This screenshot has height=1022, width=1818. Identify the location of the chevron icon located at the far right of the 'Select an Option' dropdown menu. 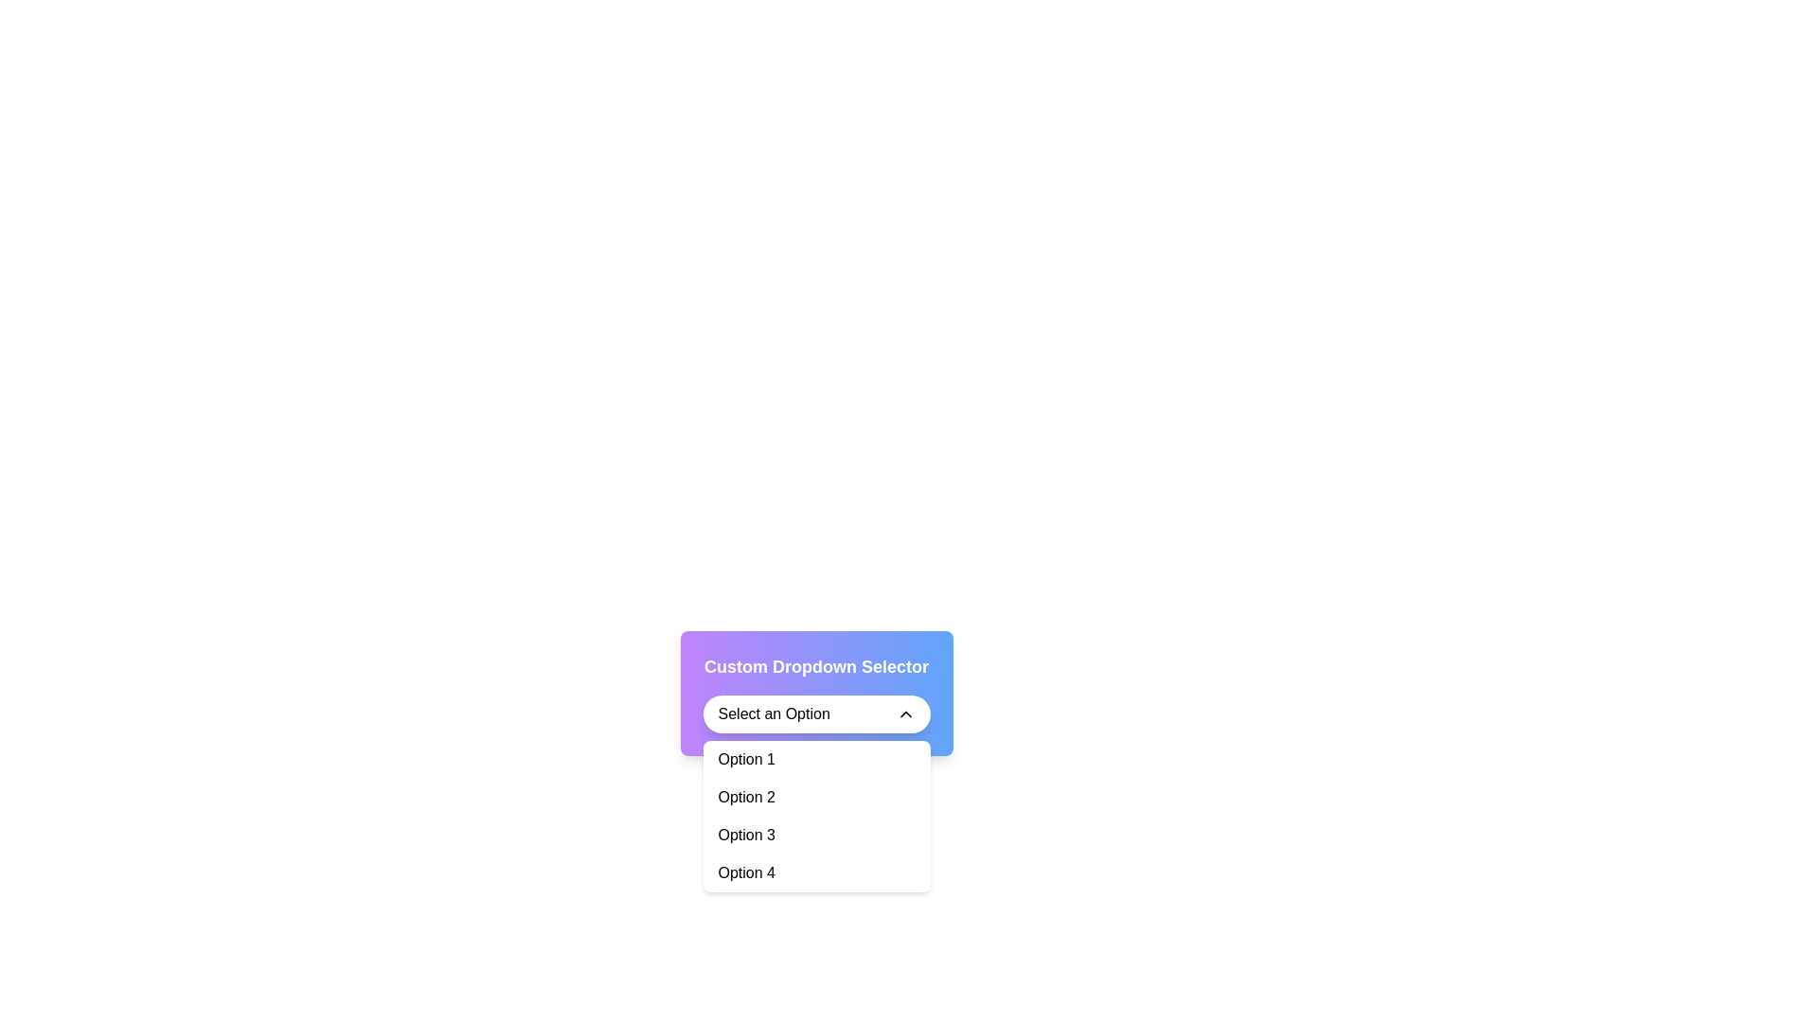
(904, 714).